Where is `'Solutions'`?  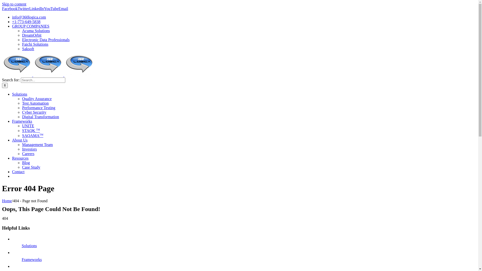 'Solutions' is located at coordinates (29, 245).